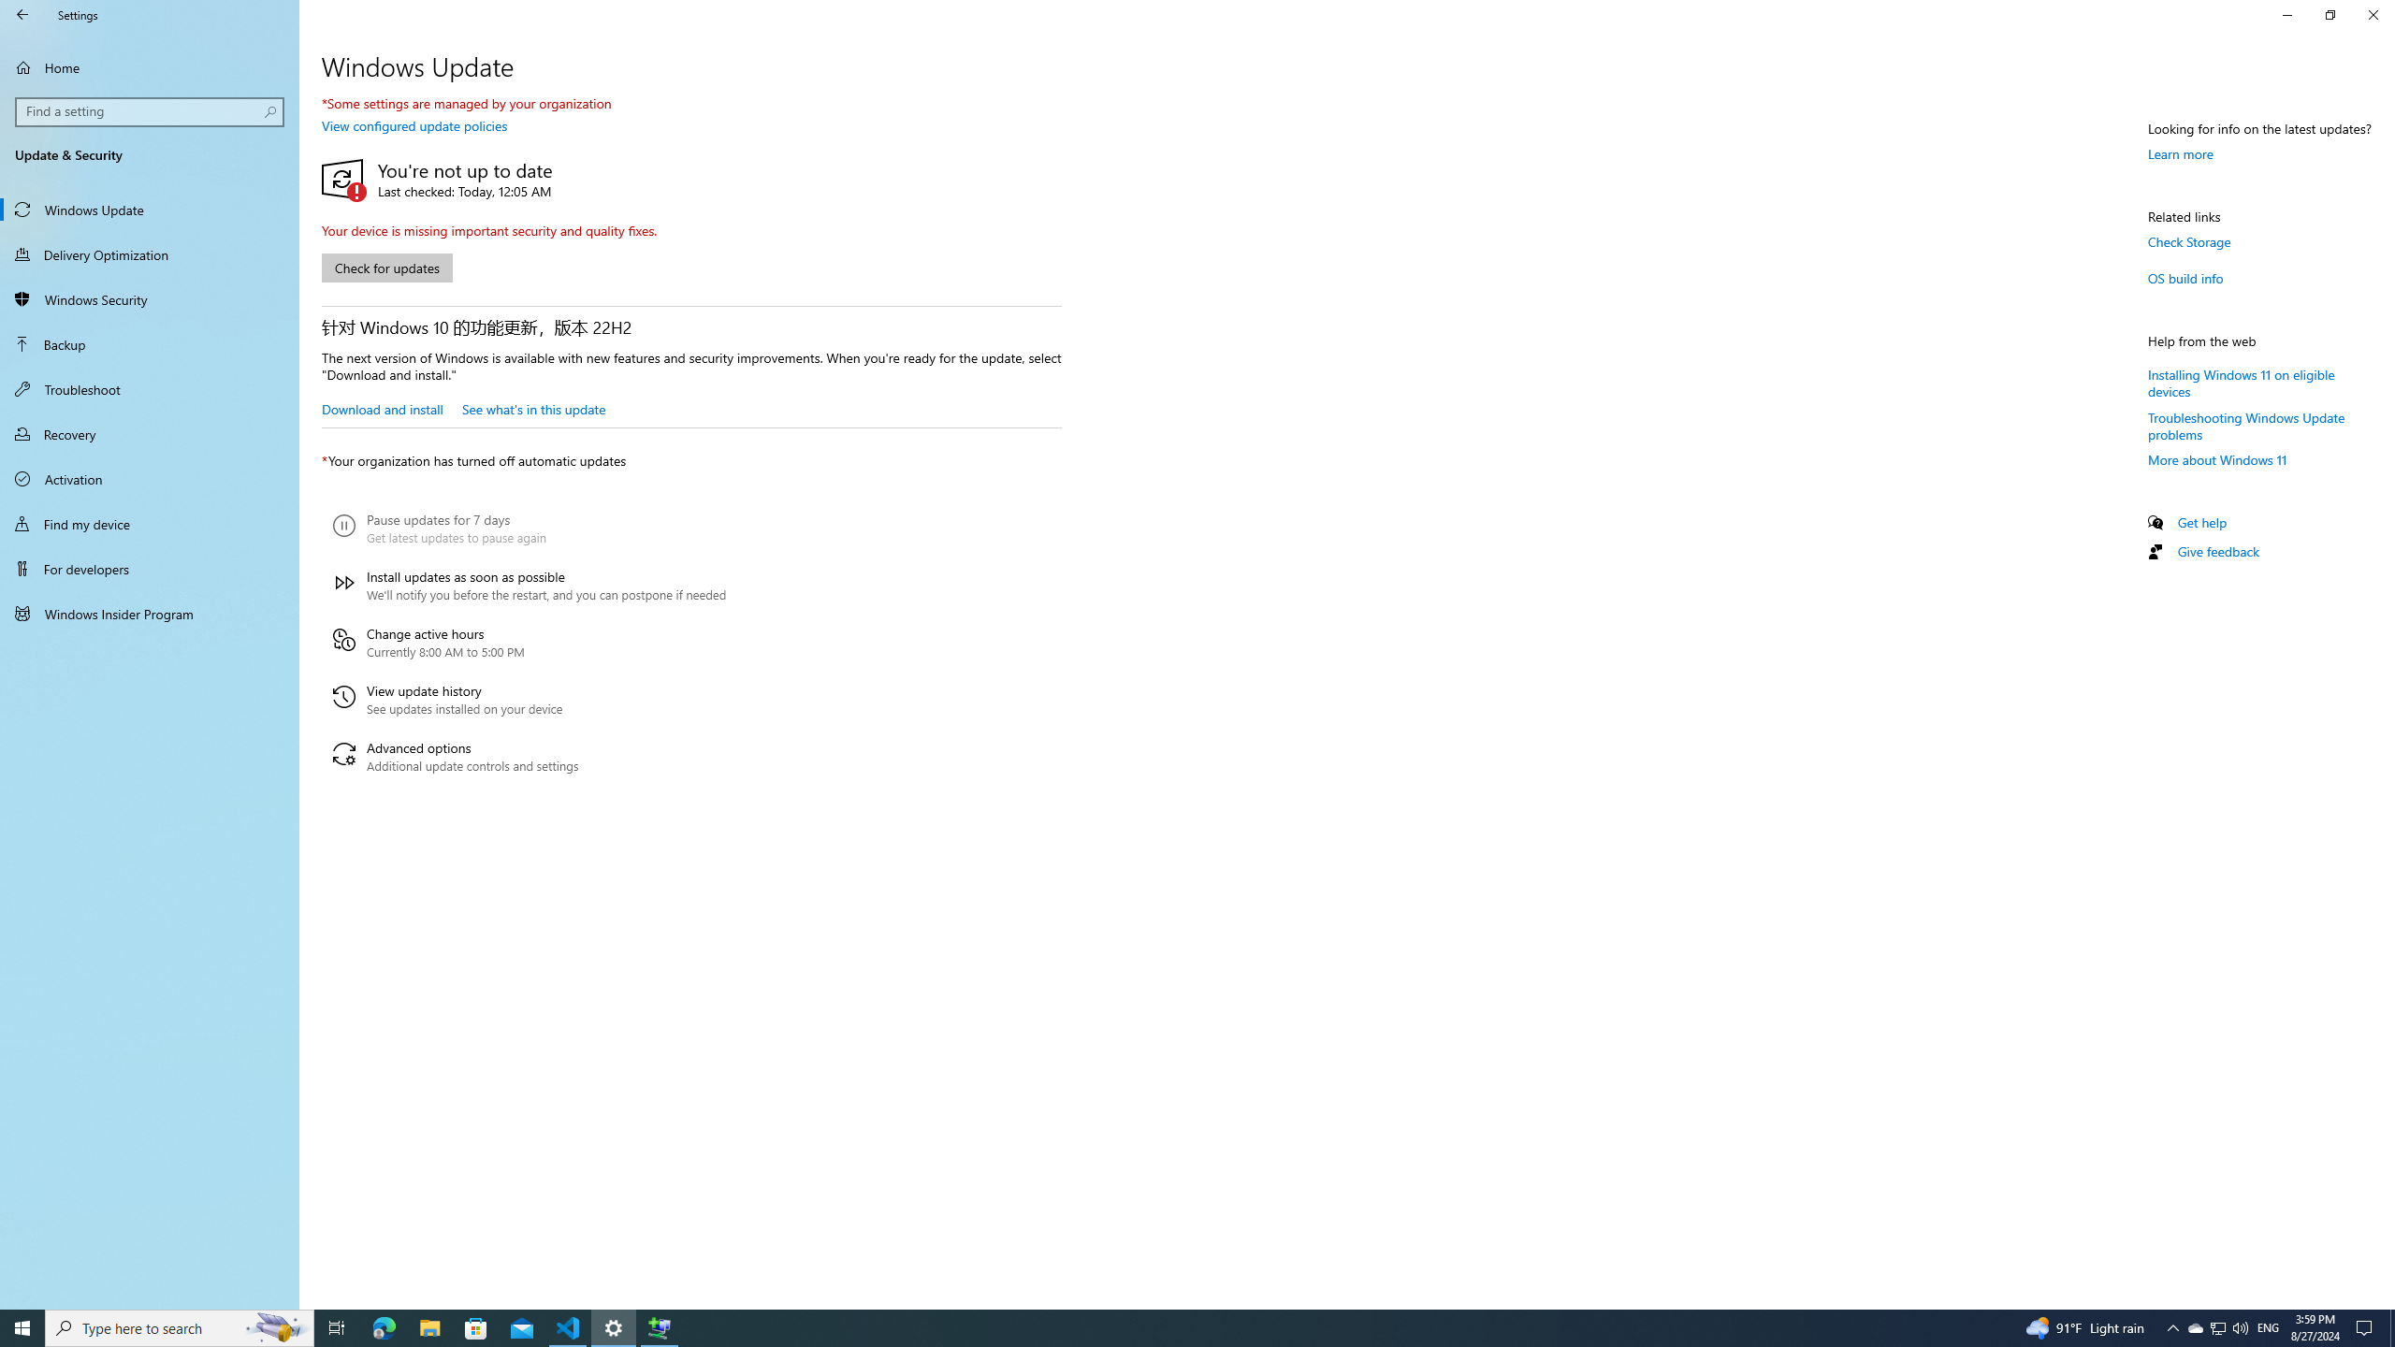  I want to click on 'Change active hours', so click(528, 642).